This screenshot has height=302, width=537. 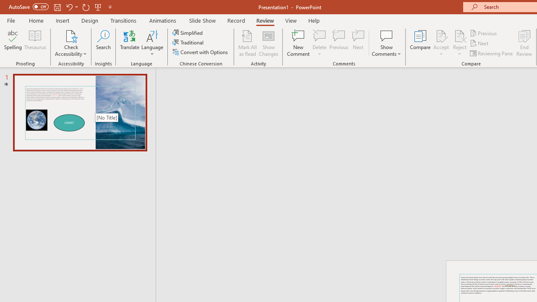 What do you see at coordinates (34, 43) in the screenshot?
I see `'Thesaurus...'` at bounding box center [34, 43].